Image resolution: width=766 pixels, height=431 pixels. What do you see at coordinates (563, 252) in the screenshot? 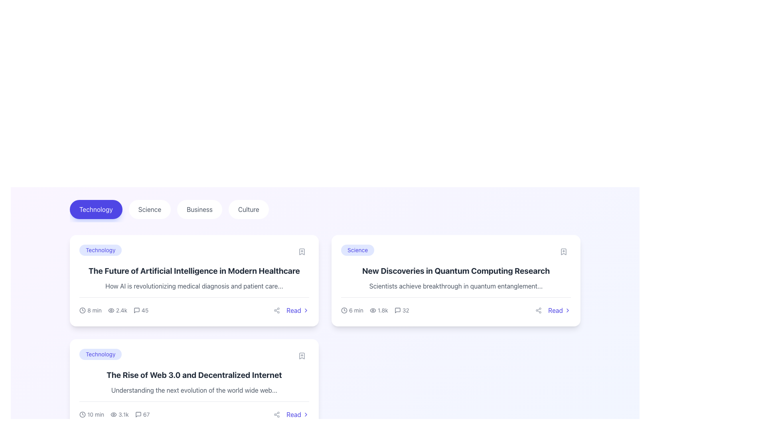
I see `the bookmark icon in the top-right corner of the 'Science' card to bookmark or unbookmark the associated content` at bounding box center [563, 252].